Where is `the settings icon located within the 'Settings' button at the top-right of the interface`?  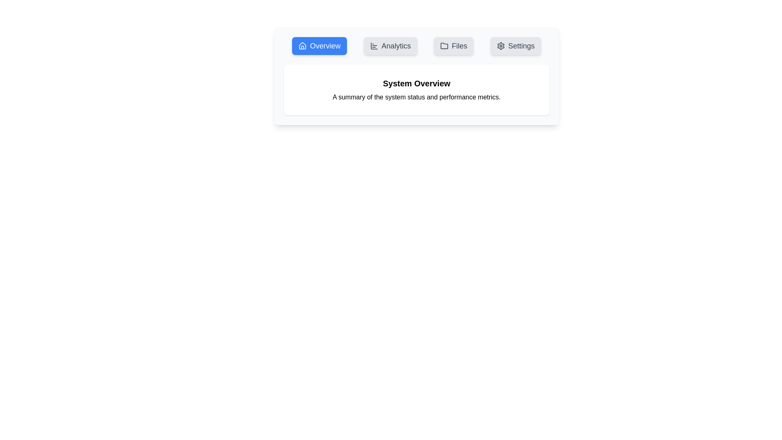 the settings icon located within the 'Settings' button at the top-right of the interface is located at coordinates (500, 46).